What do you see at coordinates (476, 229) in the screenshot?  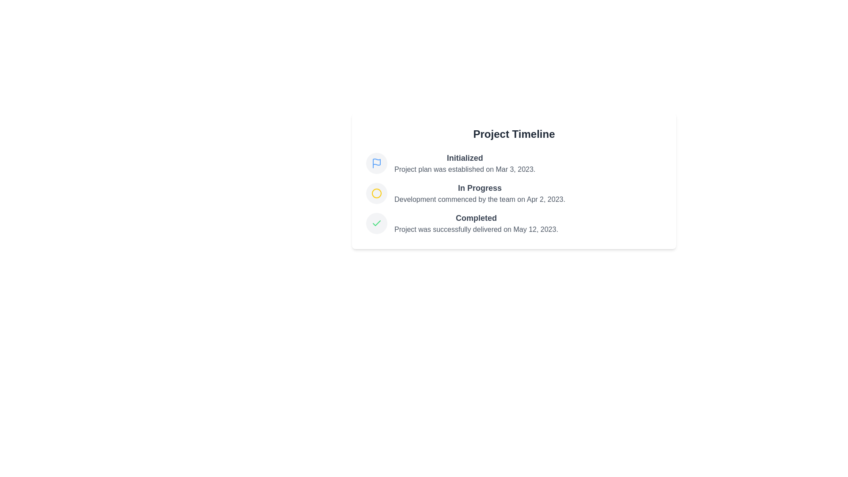 I see `the Text label displaying 'Project was successfully delivered on May 12, 2023.' located beneath the 'Completed' heading in the vertical timeline` at bounding box center [476, 229].